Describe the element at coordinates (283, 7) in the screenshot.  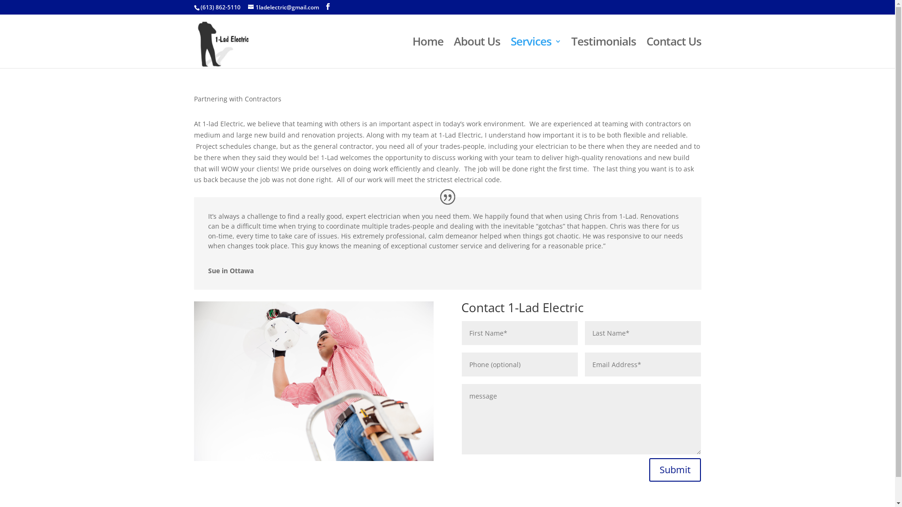
I see `'1ladelectric@gmail.com'` at that location.